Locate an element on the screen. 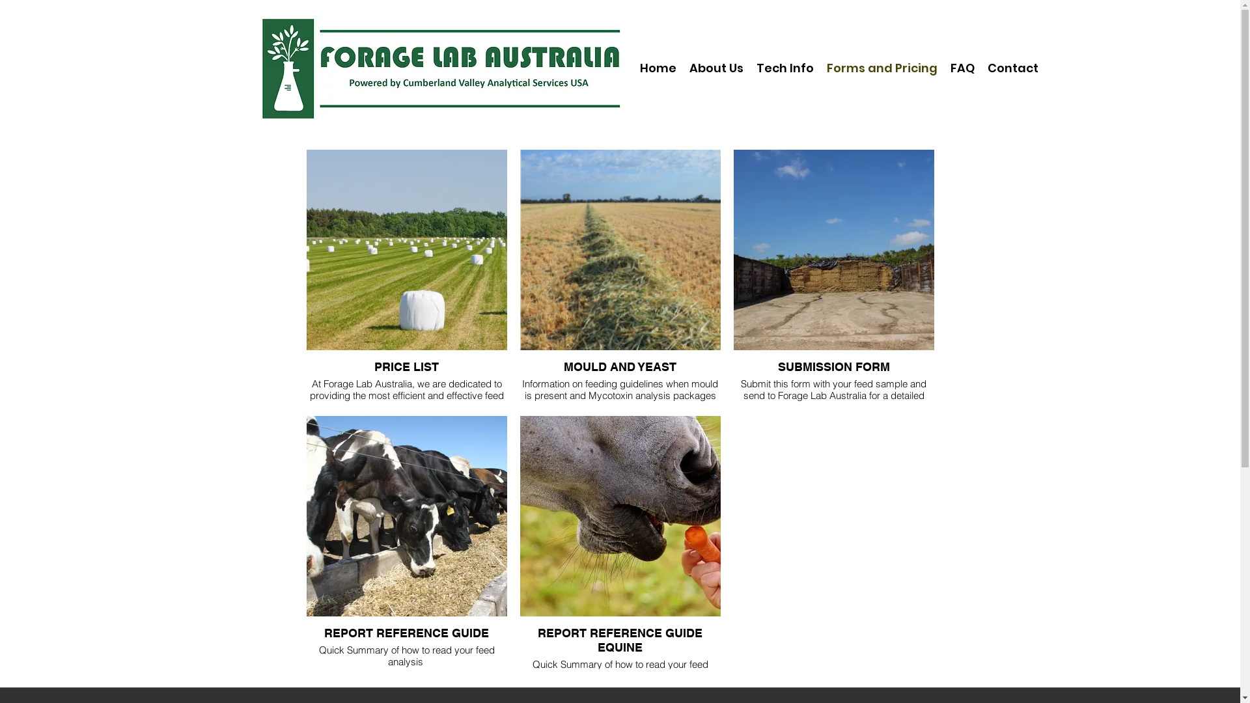  'Tech Info' is located at coordinates (750, 68).